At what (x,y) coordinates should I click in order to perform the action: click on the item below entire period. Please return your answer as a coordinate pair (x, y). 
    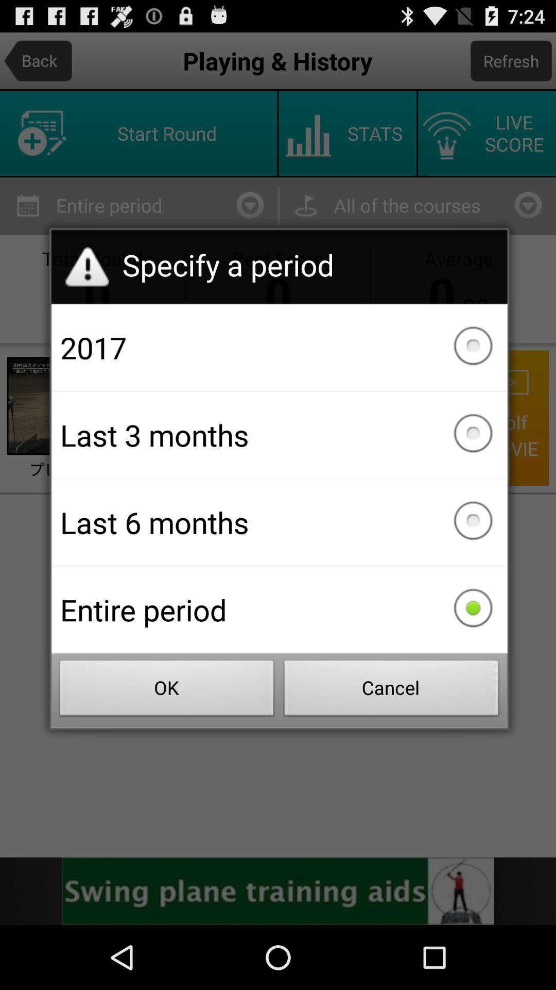
    Looking at the image, I should click on (166, 691).